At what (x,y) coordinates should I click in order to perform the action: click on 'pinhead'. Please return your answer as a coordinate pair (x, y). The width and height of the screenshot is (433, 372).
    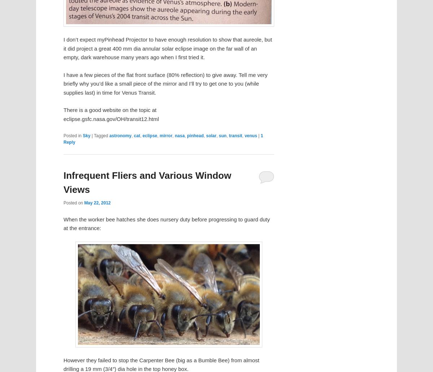
    Looking at the image, I should click on (187, 135).